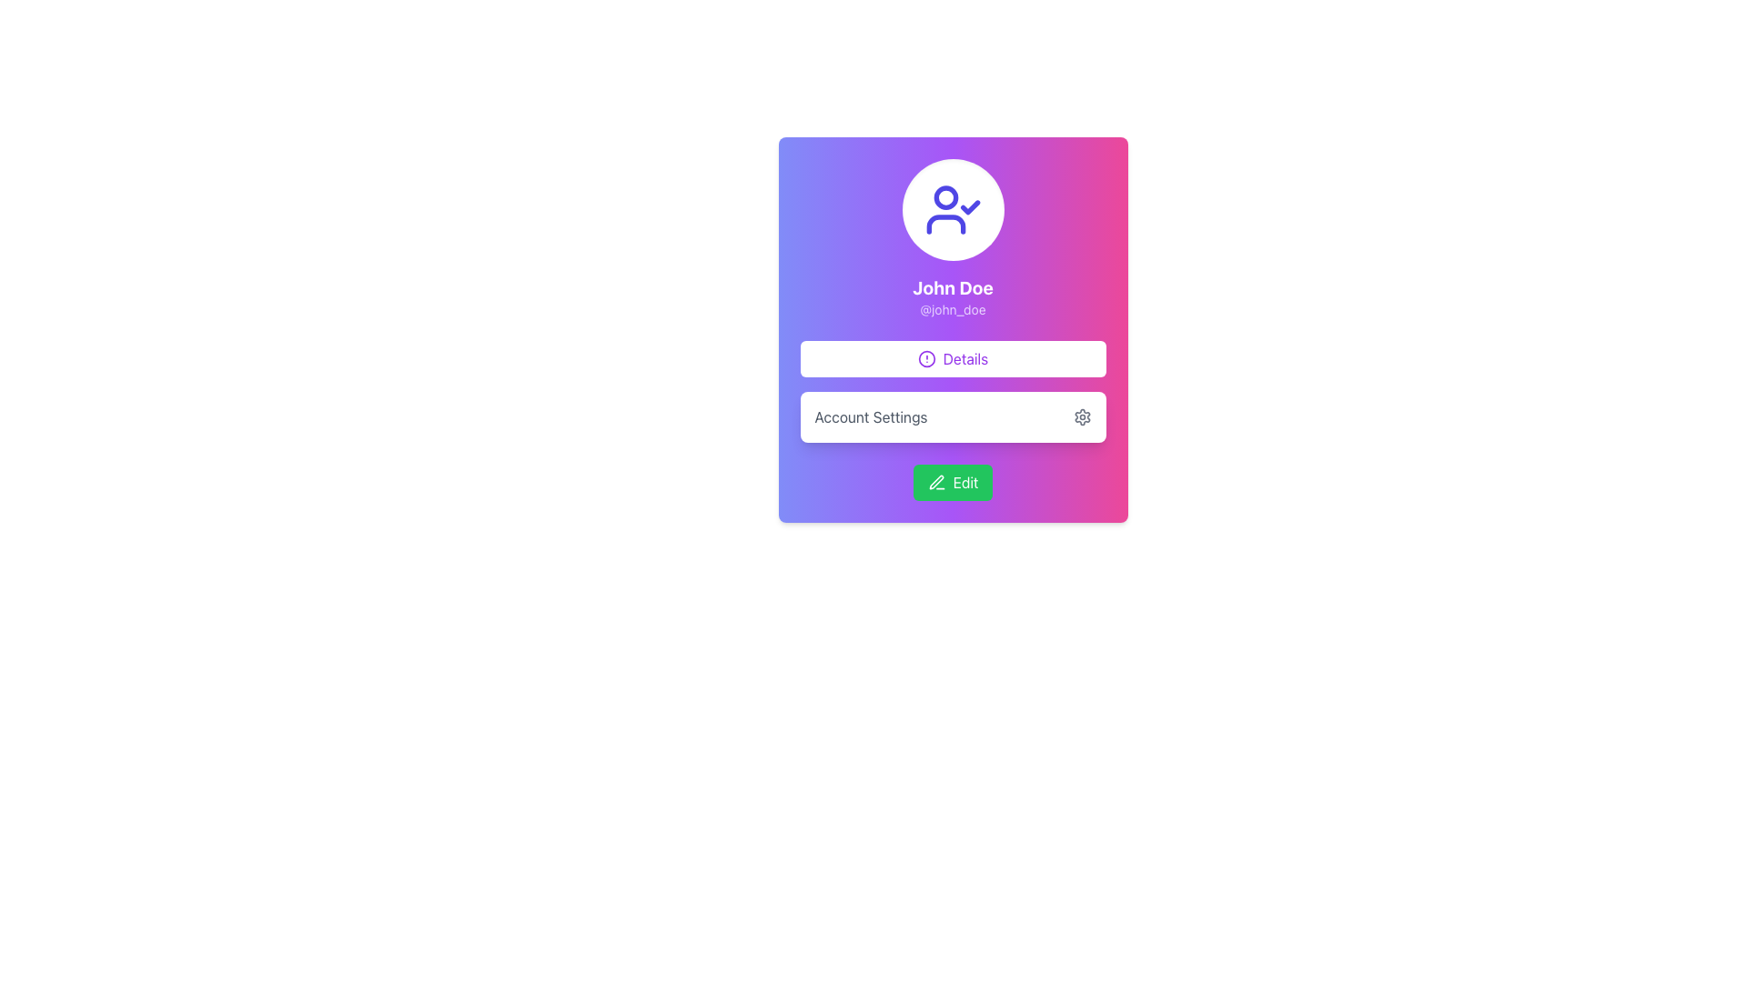  Describe the element at coordinates (952, 296) in the screenshot. I see `the profile name and username display, which is centrally located above the 'Details' button and below the user icon` at that location.